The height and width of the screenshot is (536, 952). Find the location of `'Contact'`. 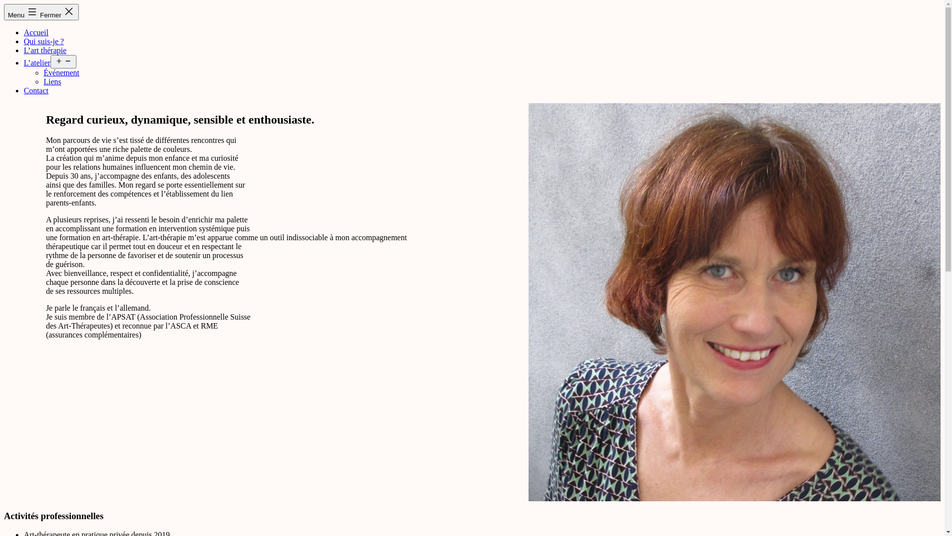

'Contact' is located at coordinates (36, 90).